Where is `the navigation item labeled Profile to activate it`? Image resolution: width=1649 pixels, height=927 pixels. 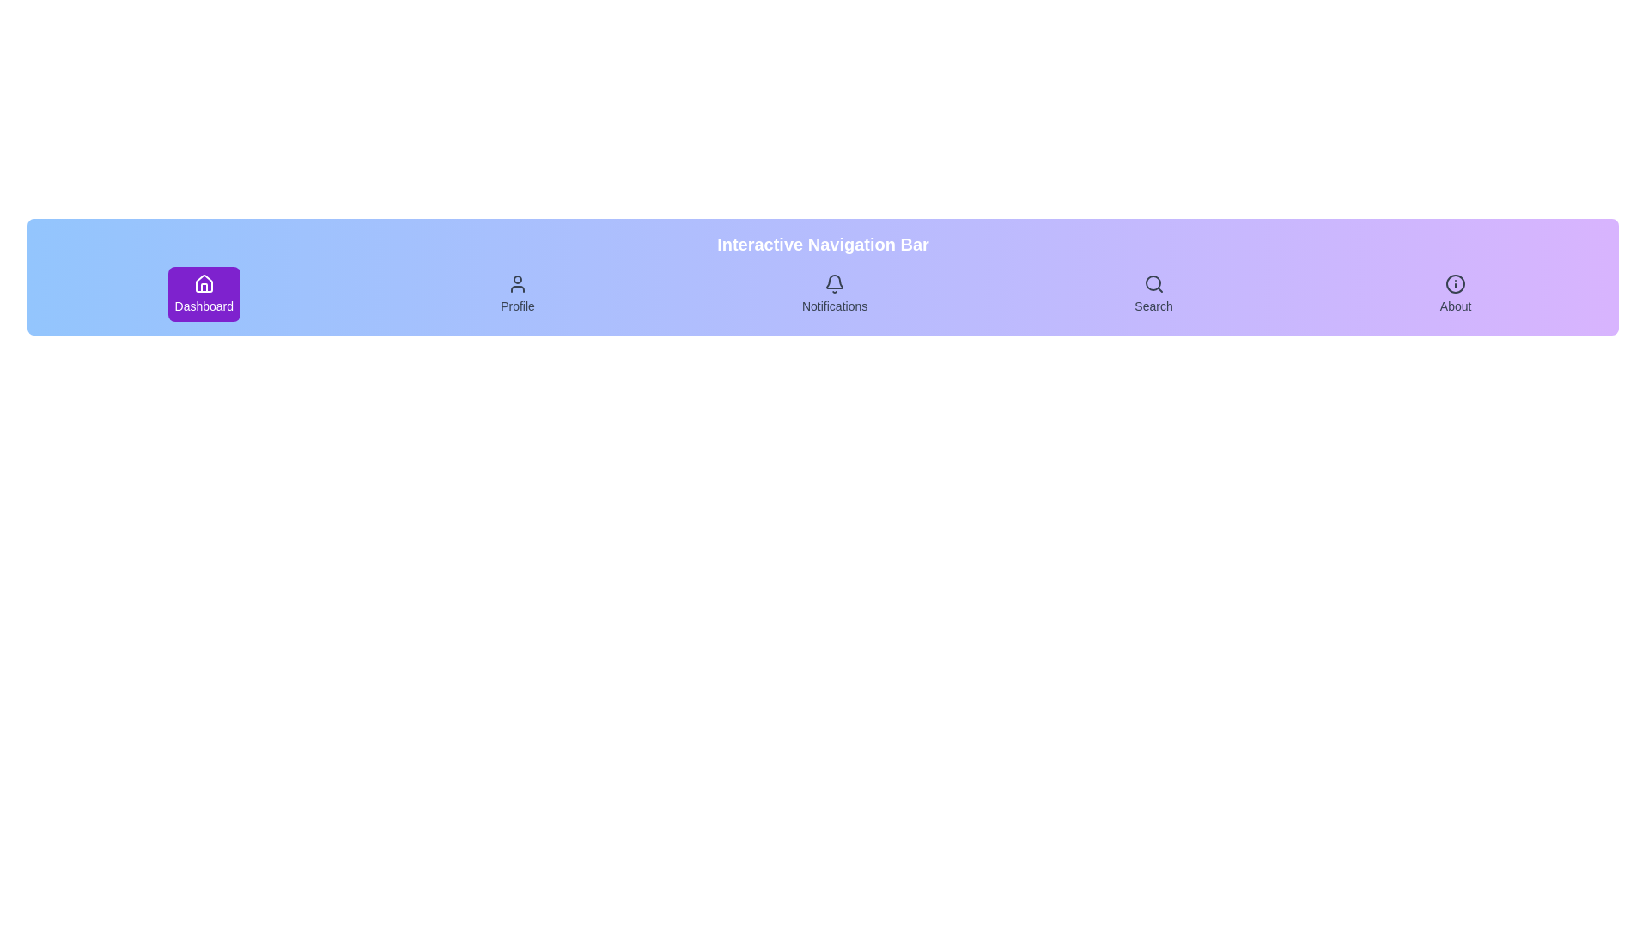
the navigation item labeled Profile to activate it is located at coordinates (517, 294).